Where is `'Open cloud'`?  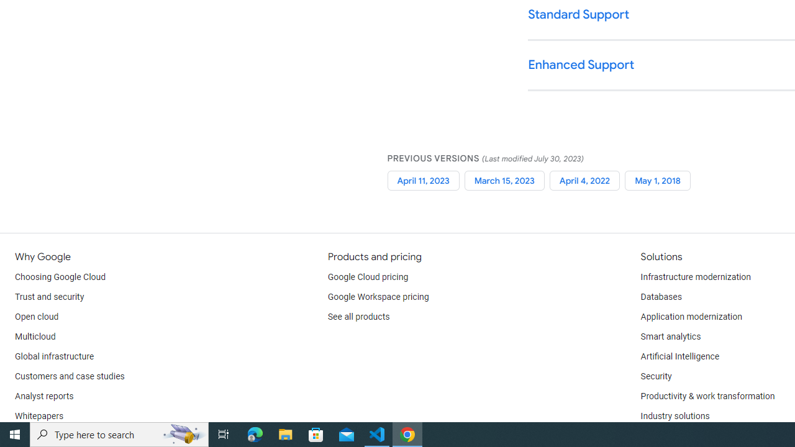 'Open cloud' is located at coordinates (37, 317).